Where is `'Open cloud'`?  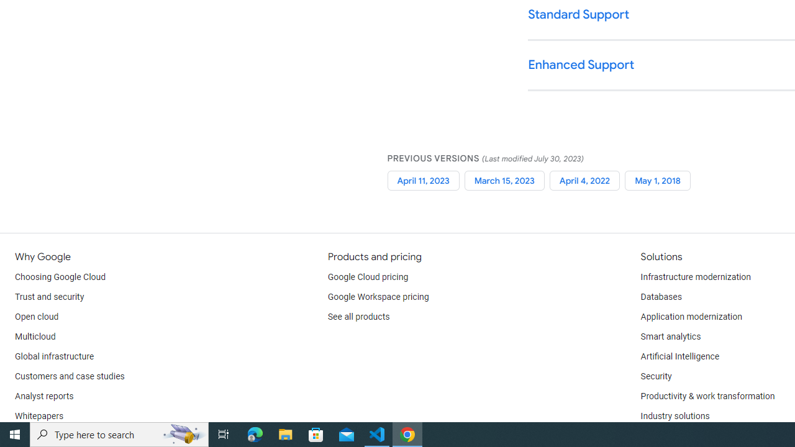 'Open cloud' is located at coordinates (37, 317).